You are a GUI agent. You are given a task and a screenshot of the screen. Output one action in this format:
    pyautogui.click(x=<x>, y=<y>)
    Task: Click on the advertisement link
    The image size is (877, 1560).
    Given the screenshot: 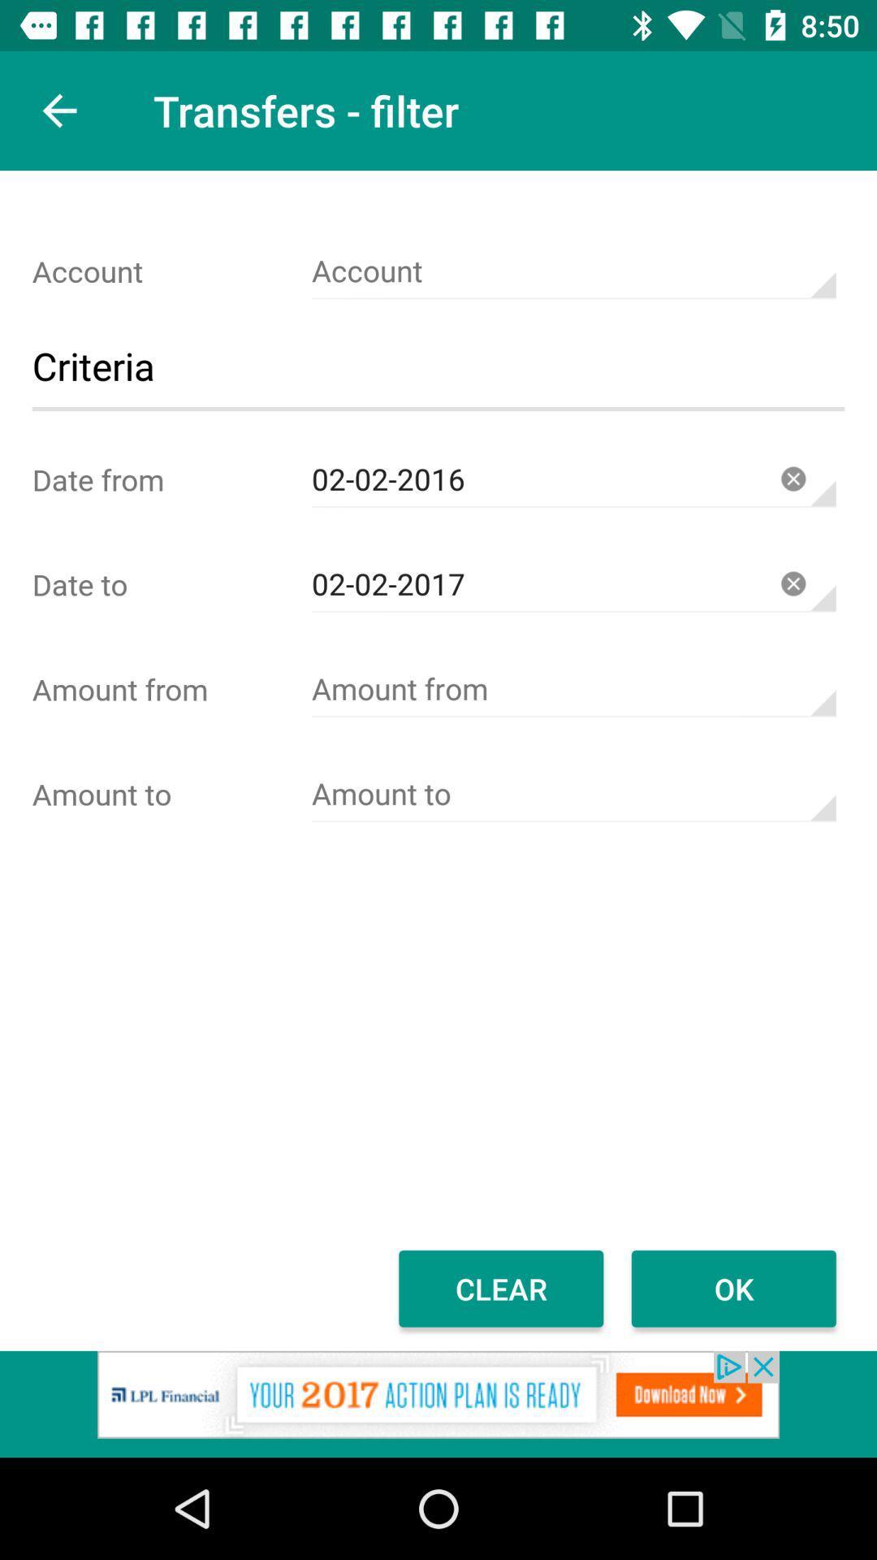 What is the action you would take?
    pyautogui.click(x=438, y=1403)
    